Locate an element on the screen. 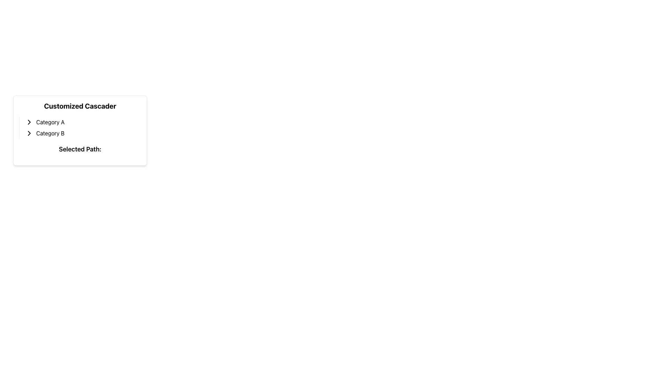 The image size is (669, 376). the right-pointing chevron icon with a black stroke located next to the text 'Category A' is located at coordinates (29, 122).